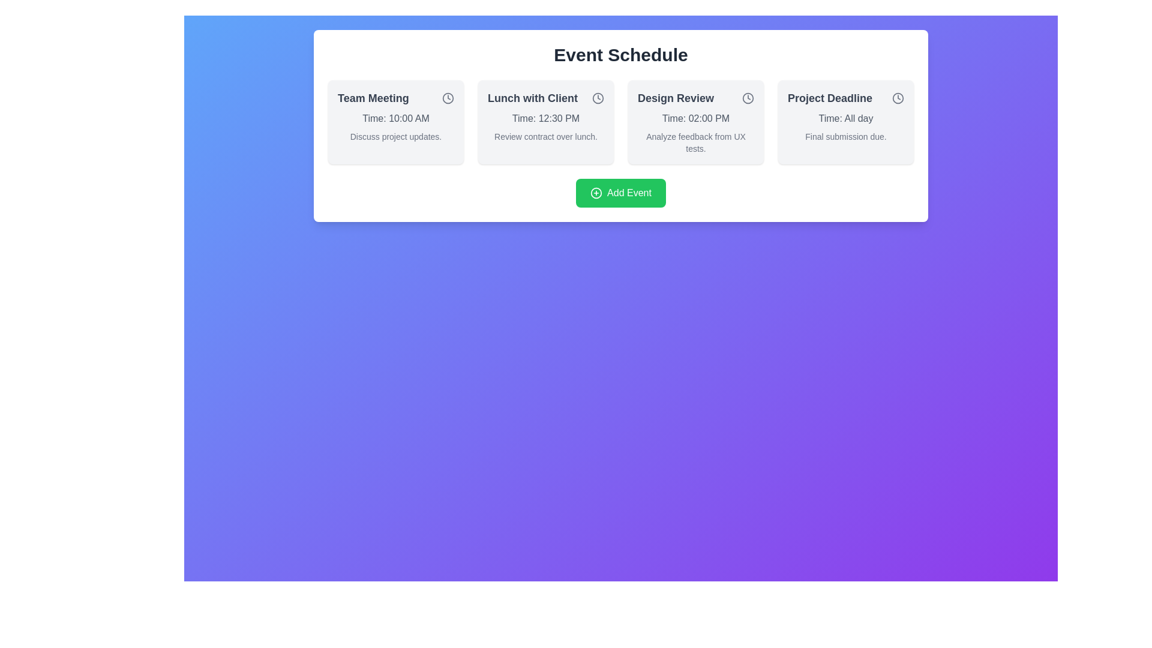 The image size is (1152, 648). I want to click on the title text component for the 'Design Review' event card, which is located at the top of the third event card in the 'Event Schedule' section, featuring a visual clock icon for temporal relevance, so click(696, 98).